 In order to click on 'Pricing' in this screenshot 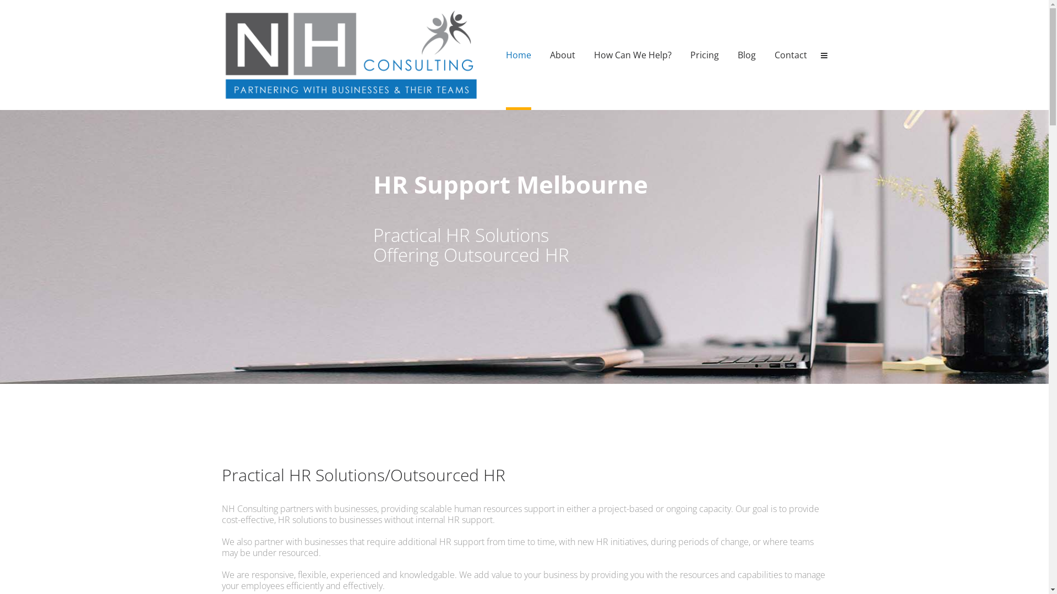, I will do `click(705, 55)`.